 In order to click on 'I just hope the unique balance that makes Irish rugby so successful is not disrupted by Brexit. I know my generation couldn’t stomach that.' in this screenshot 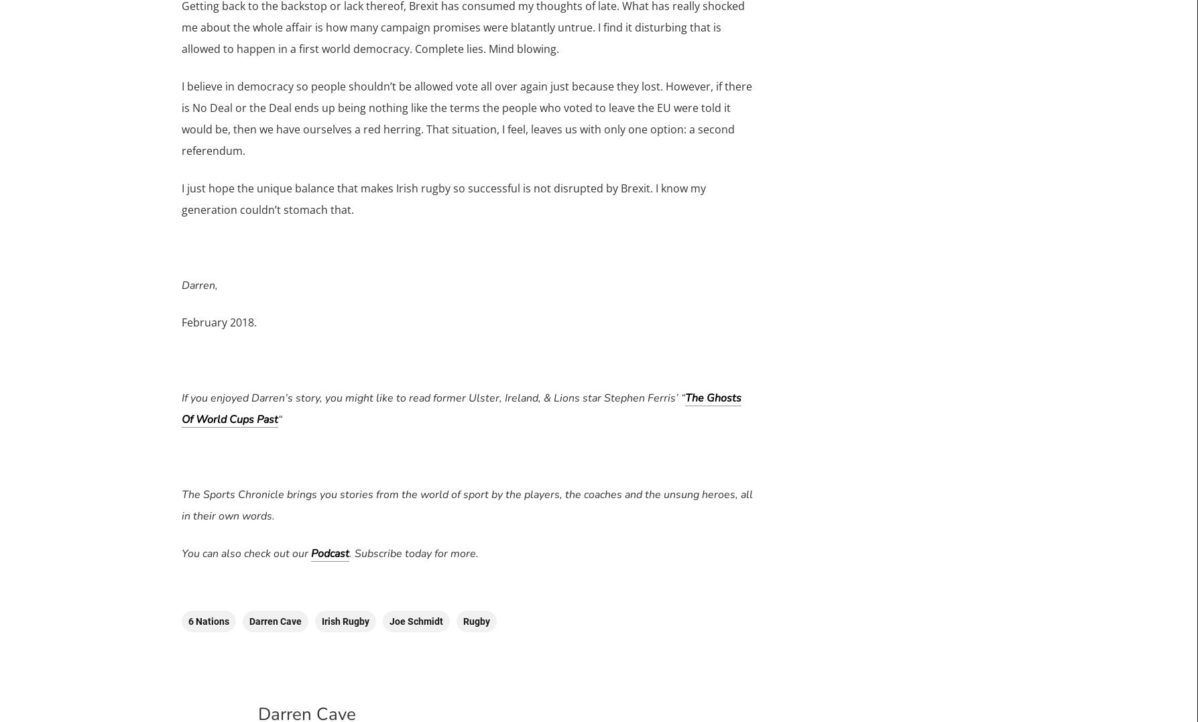, I will do `click(180, 198)`.